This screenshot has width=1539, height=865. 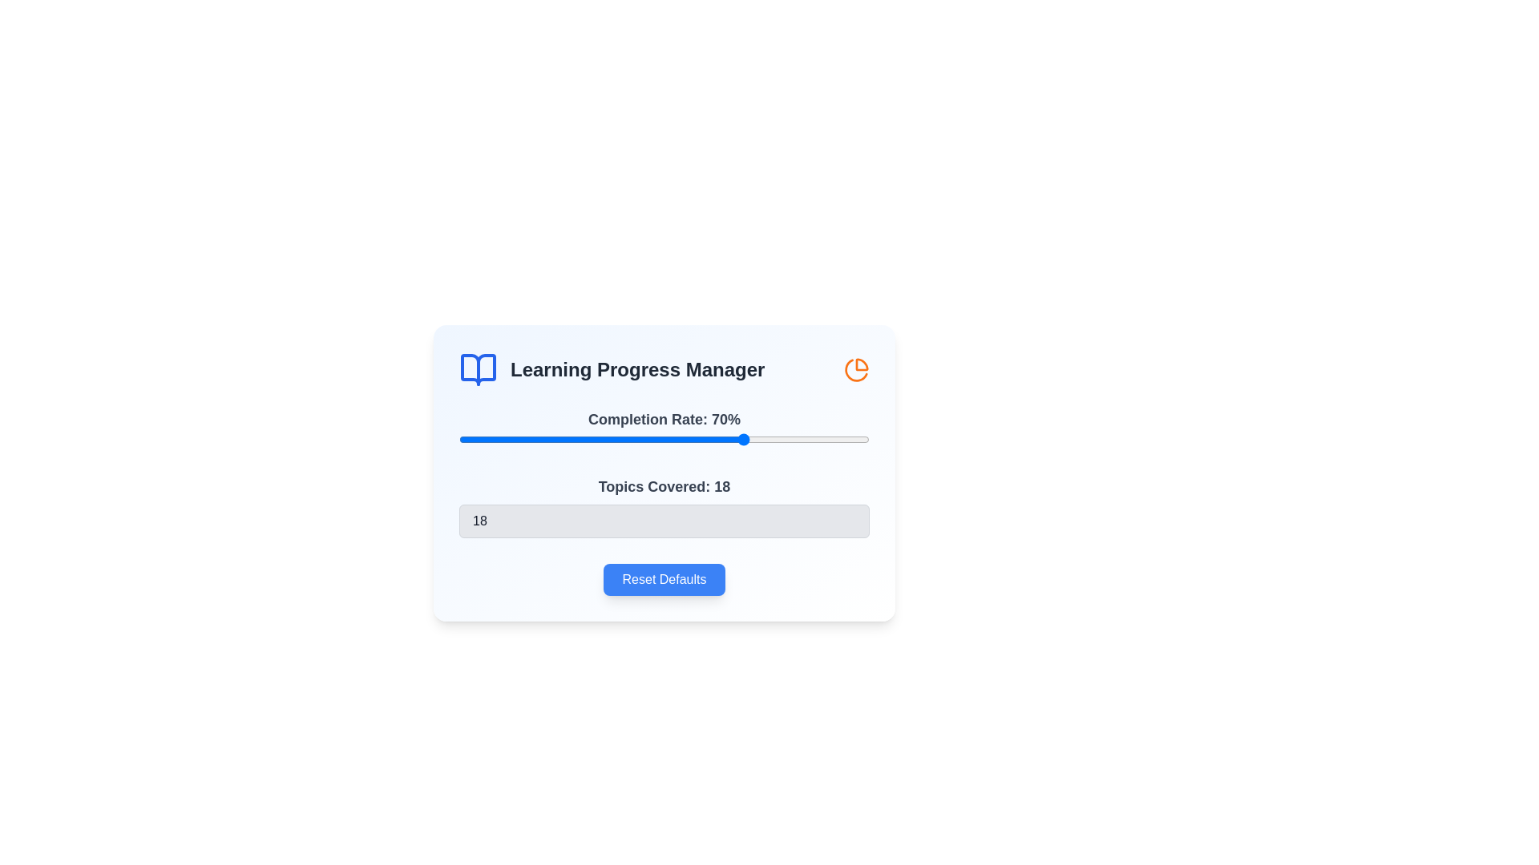 What do you see at coordinates (664, 521) in the screenshot?
I see `the number of topics covered to 9 by entering the value in the input box` at bounding box center [664, 521].